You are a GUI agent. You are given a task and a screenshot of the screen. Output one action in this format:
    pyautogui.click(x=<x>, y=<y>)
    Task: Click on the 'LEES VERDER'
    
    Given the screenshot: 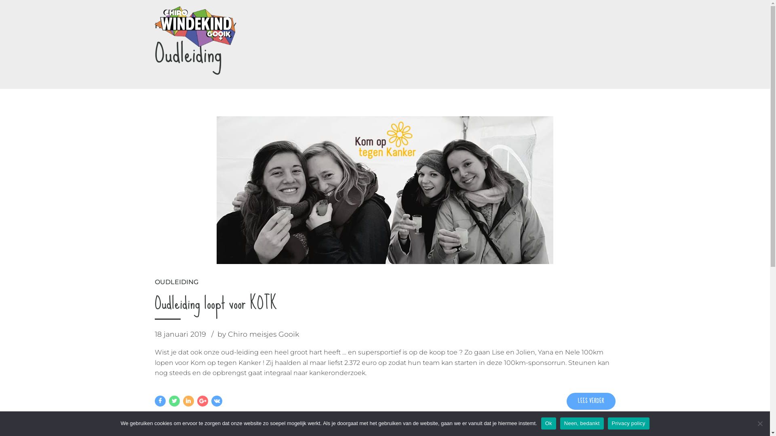 What is the action you would take?
    pyautogui.click(x=566, y=401)
    